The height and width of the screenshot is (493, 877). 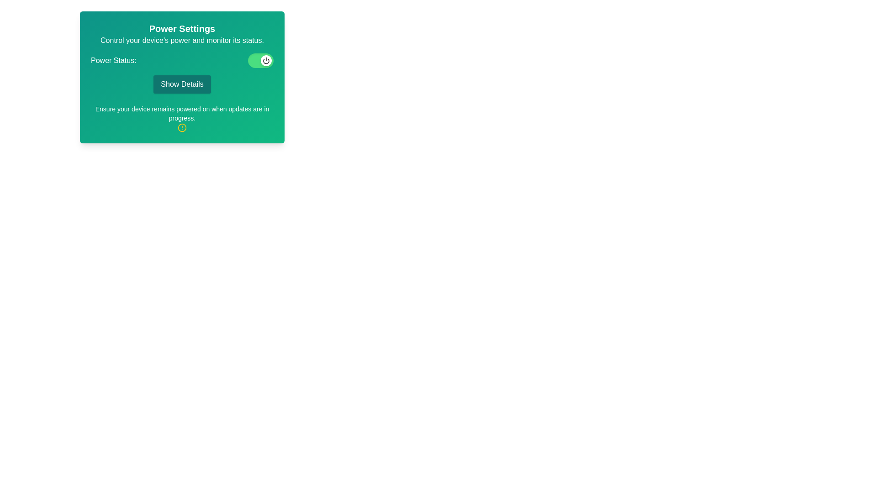 What do you see at coordinates (182, 28) in the screenshot?
I see `the heading text element indicating power settings` at bounding box center [182, 28].